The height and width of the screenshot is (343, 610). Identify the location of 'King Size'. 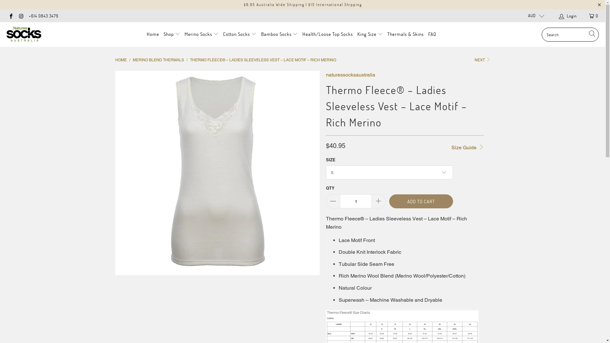
(370, 34).